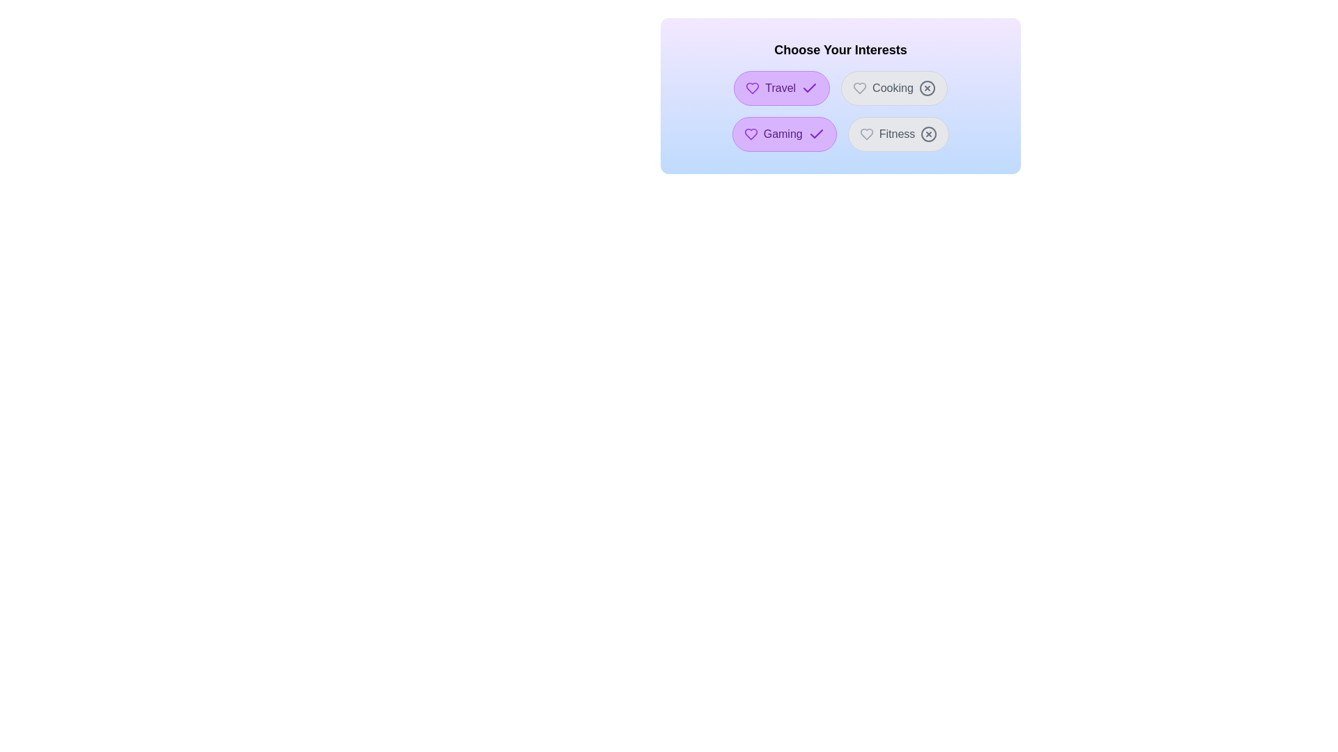  Describe the element at coordinates (893, 88) in the screenshot. I see `the interest Cooking by clicking its button` at that location.